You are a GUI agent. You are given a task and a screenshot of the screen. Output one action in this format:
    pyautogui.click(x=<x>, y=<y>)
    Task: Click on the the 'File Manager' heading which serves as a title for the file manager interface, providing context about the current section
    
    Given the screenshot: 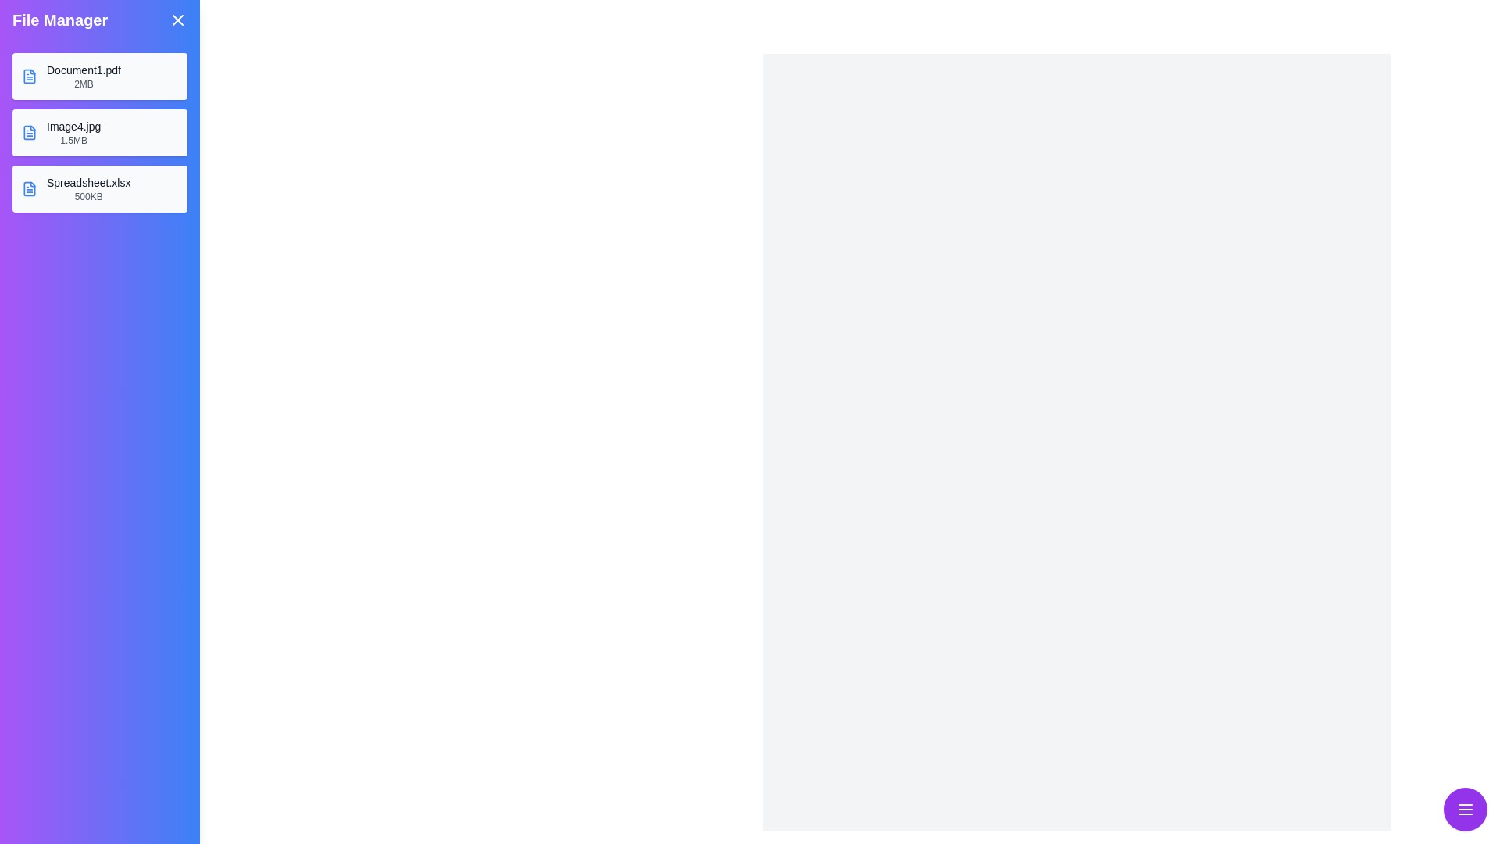 What is the action you would take?
    pyautogui.click(x=59, y=20)
    